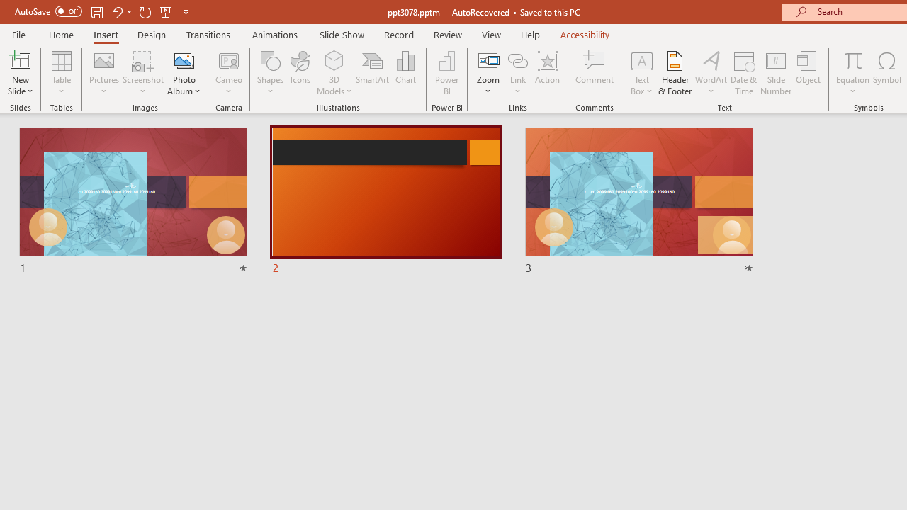  I want to click on 'New Slide', so click(20, 59).